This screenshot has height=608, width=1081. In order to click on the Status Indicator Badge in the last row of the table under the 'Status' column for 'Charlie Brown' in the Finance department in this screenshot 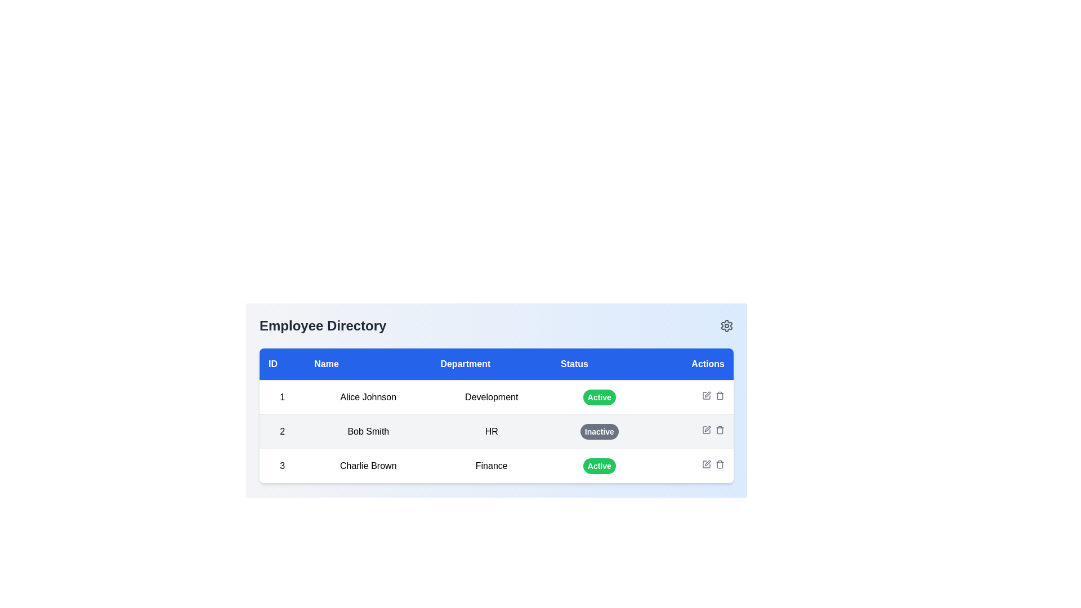, I will do `click(598, 466)`.